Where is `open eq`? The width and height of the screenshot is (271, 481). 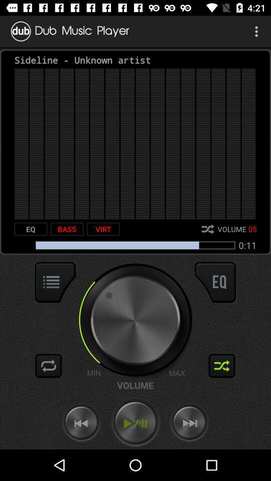 open eq is located at coordinates (215, 282).